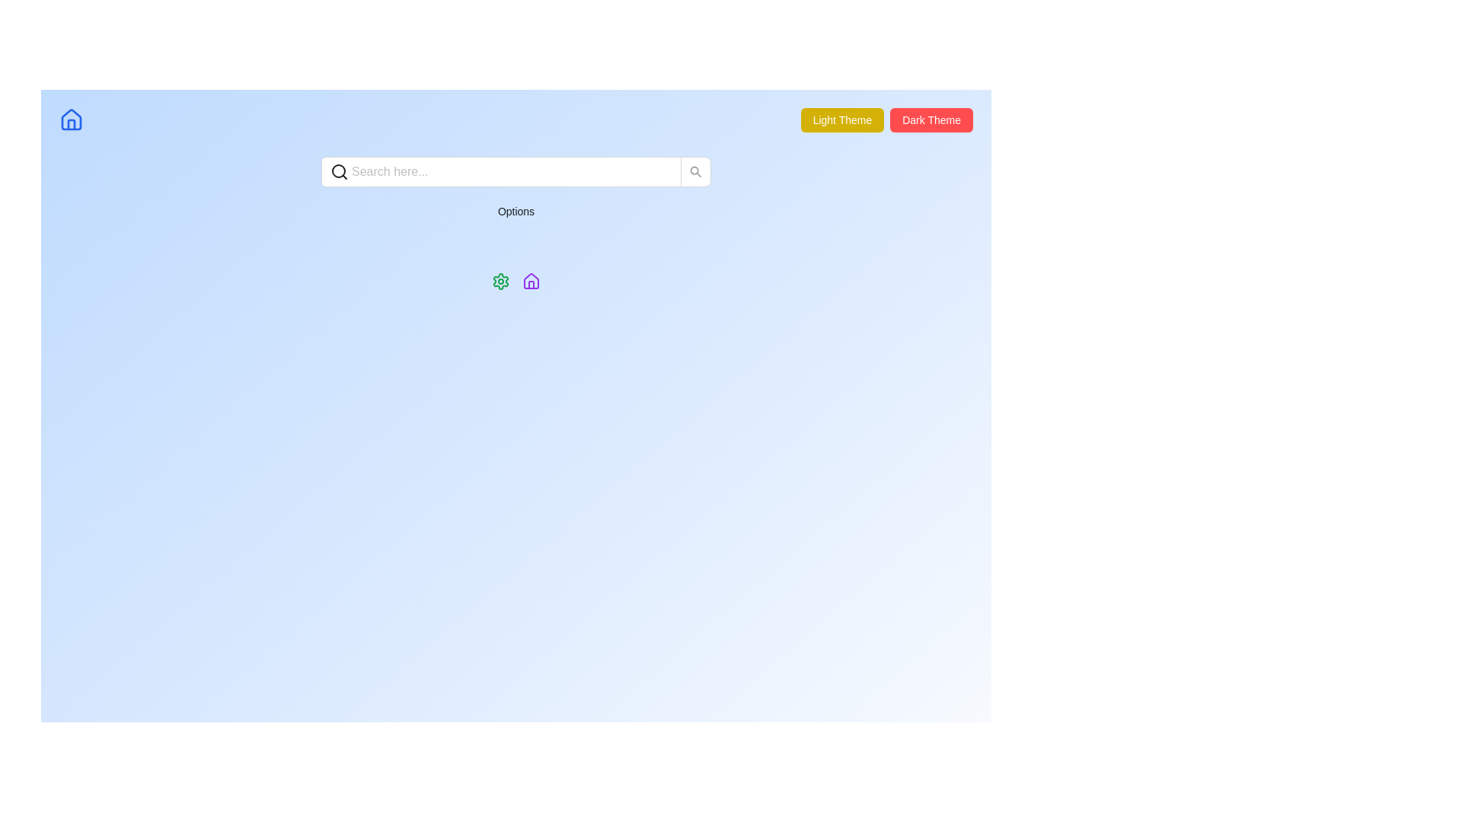 The image size is (1462, 822). What do you see at coordinates (339, 171) in the screenshot?
I see `the magnifying glass icon positioned at the beginning of the search input field, which symbolizes the search functionality` at bounding box center [339, 171].